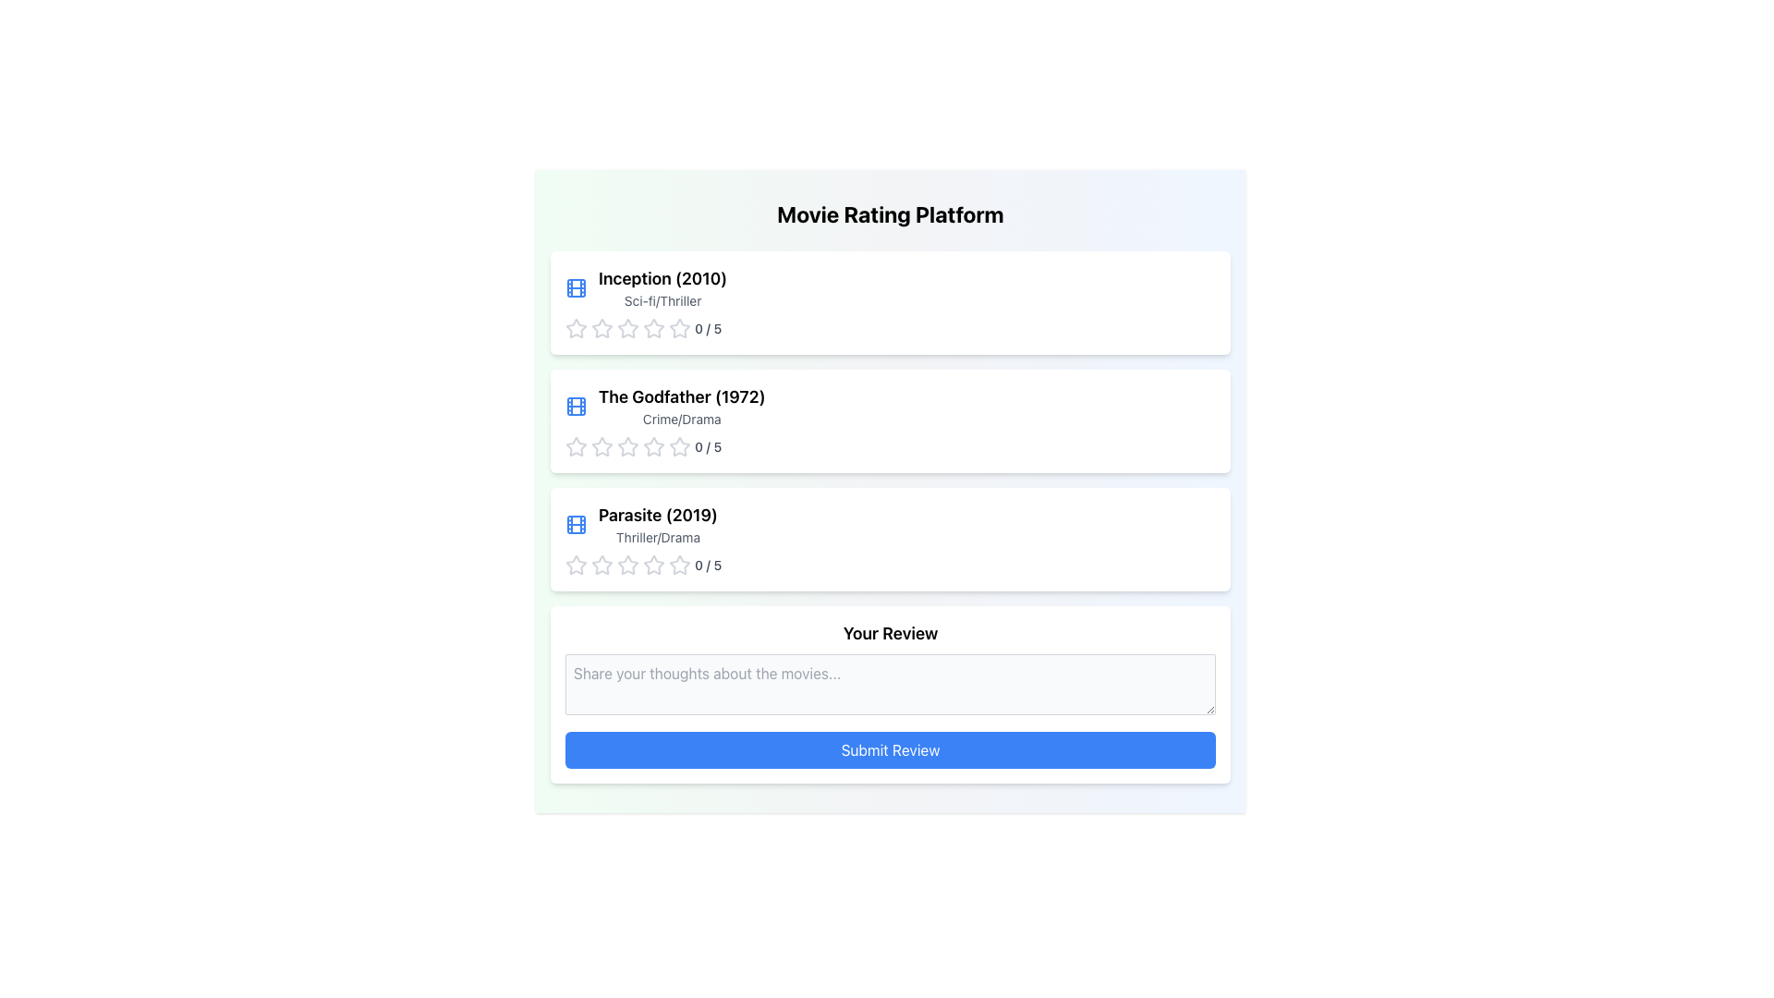 The width and height of the screenshot is (1774, 998). What do you see at coordinates (678, 564) in the screenshot?
I see `the second star in the rating system for 'Parasite (2019)' to set the rating` at bounding box center [678, 564].